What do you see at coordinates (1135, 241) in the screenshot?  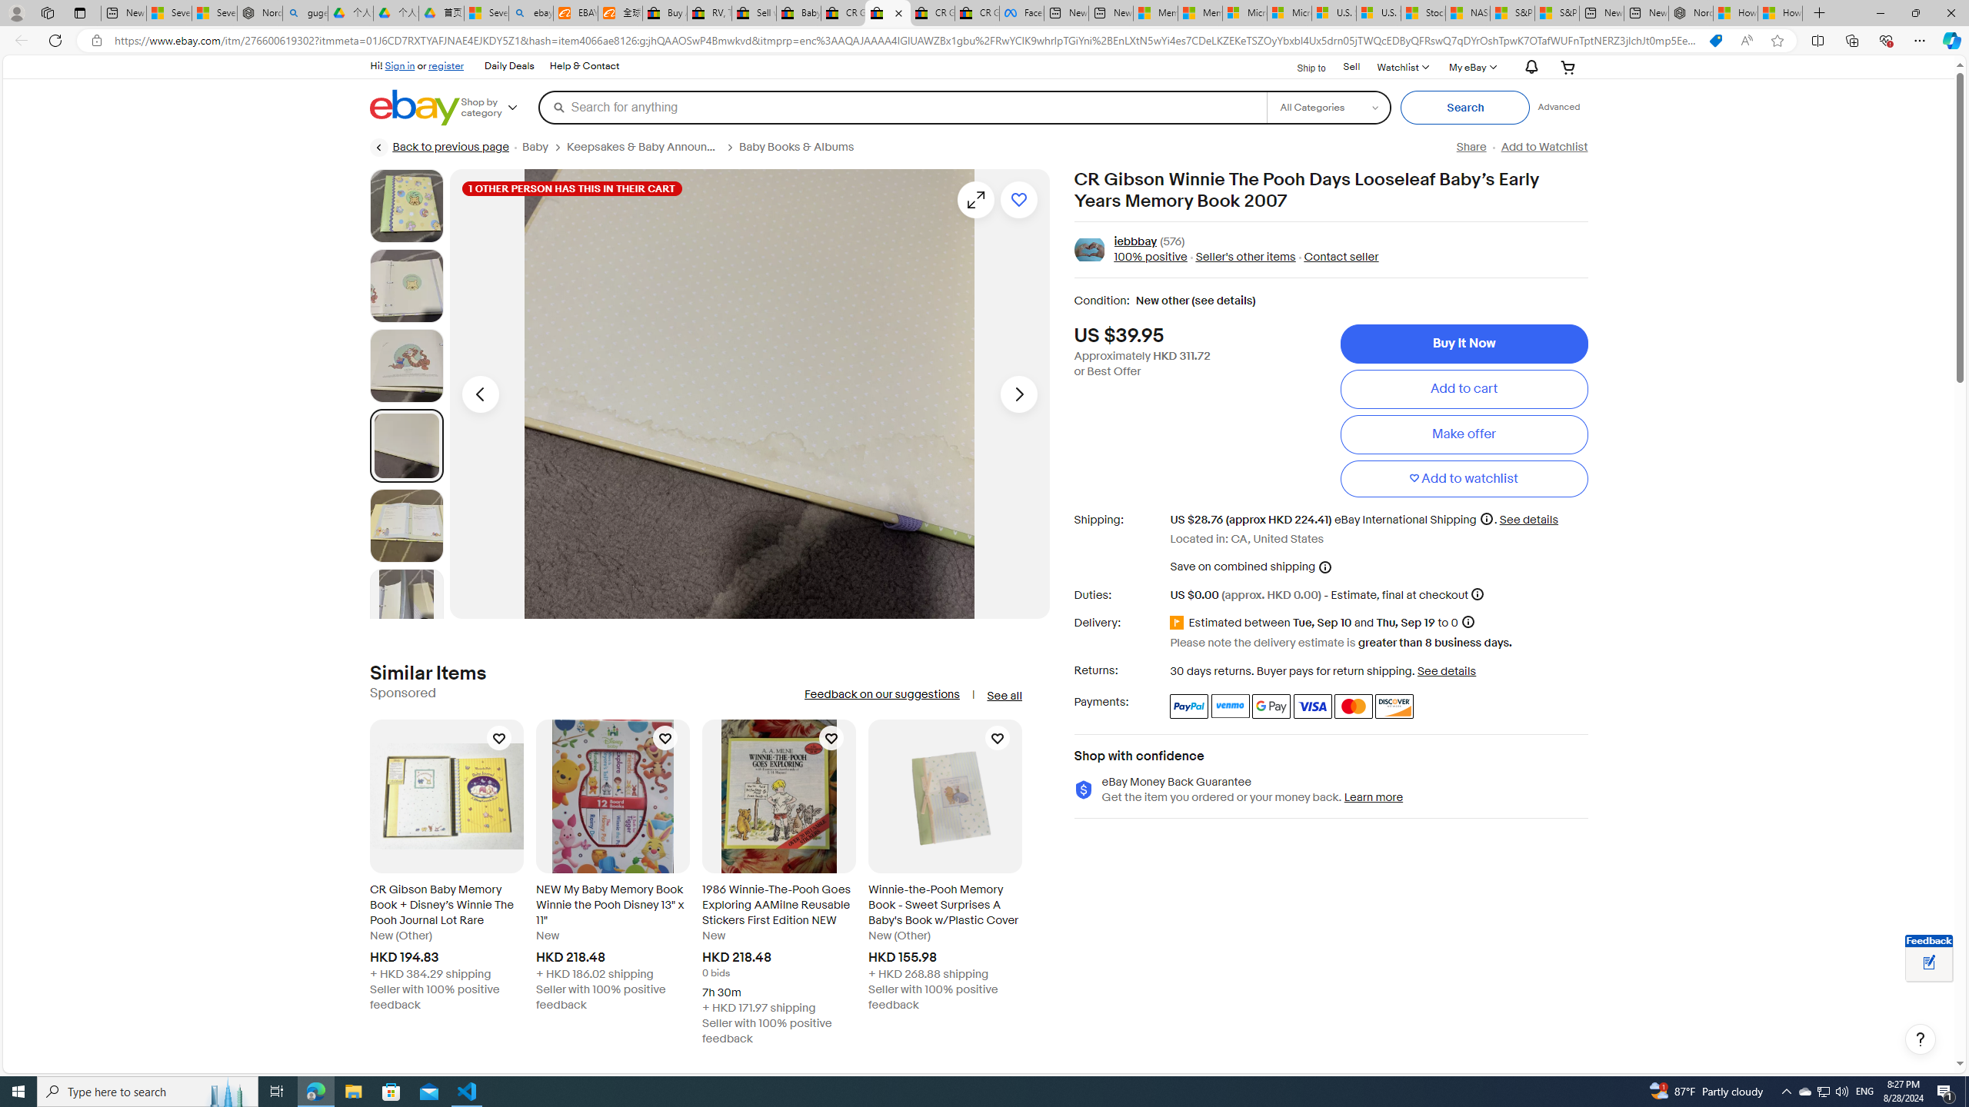 I see `'iebbbay'` at bounding box center [1135, 241].